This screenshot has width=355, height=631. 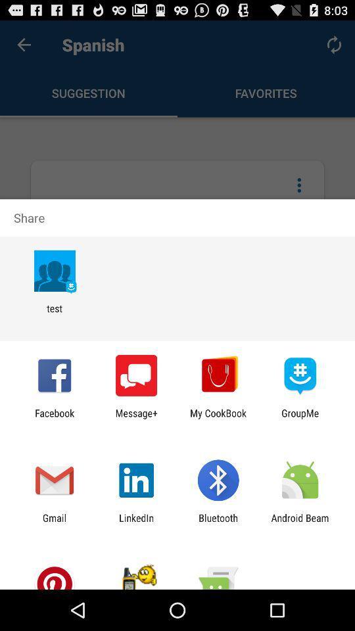 I want to click on item next to bluetooth app, so click(x=300, y=523).